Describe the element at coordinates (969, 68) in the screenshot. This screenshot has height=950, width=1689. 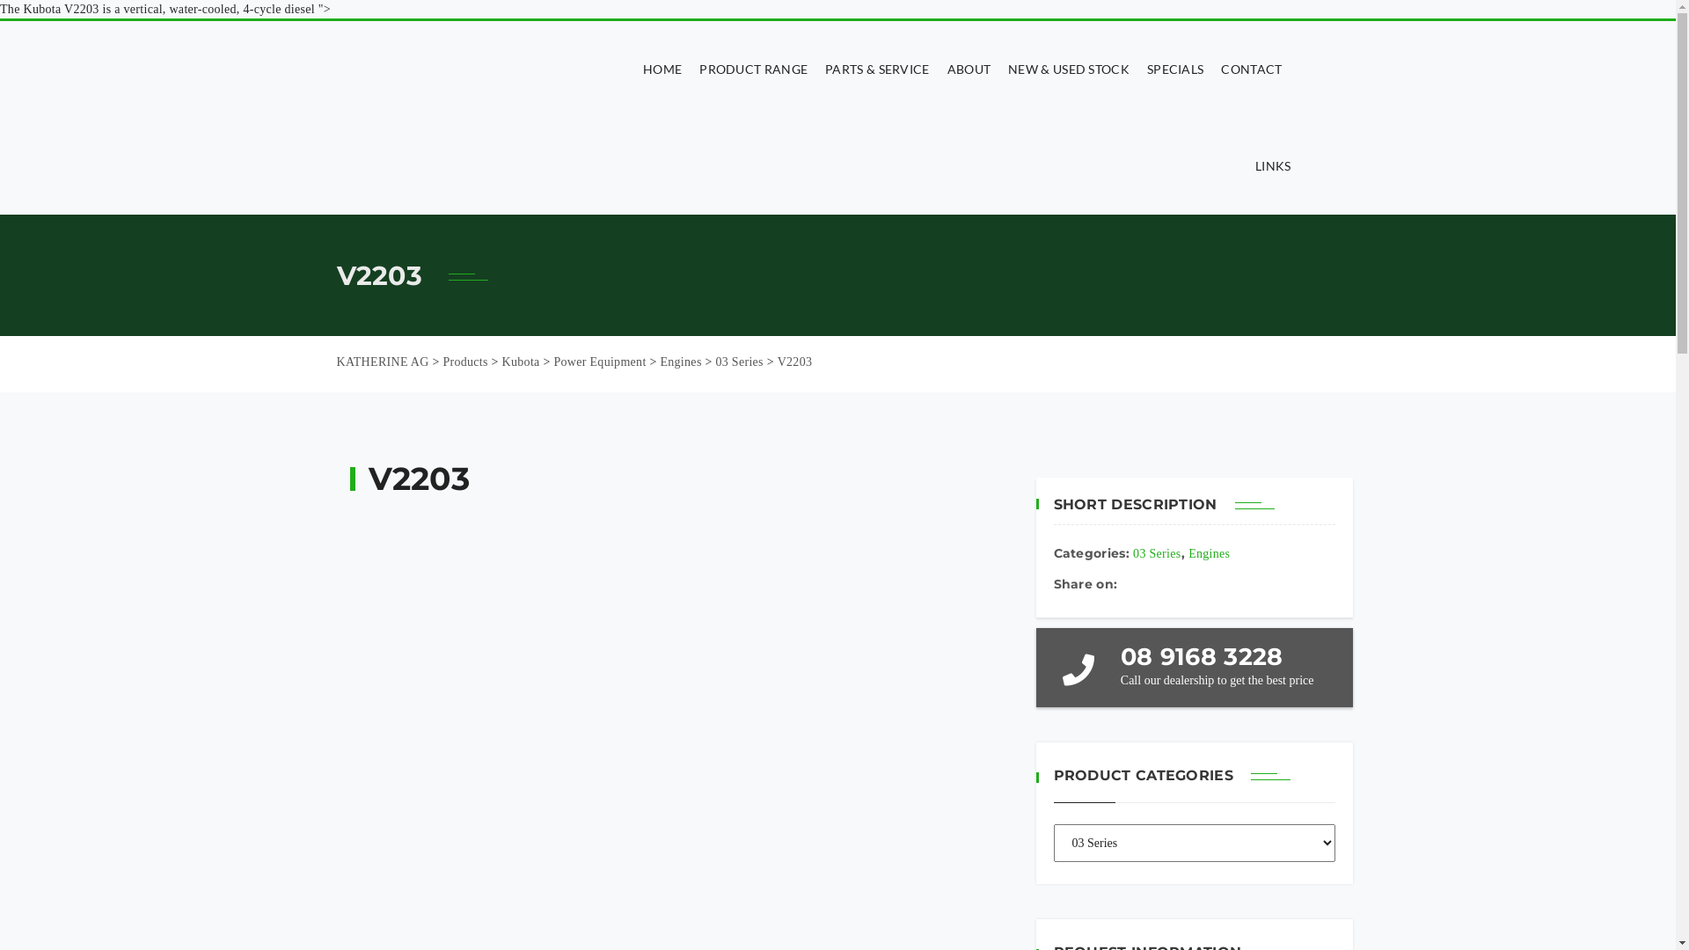
I see `'ABOUT'` at that location.